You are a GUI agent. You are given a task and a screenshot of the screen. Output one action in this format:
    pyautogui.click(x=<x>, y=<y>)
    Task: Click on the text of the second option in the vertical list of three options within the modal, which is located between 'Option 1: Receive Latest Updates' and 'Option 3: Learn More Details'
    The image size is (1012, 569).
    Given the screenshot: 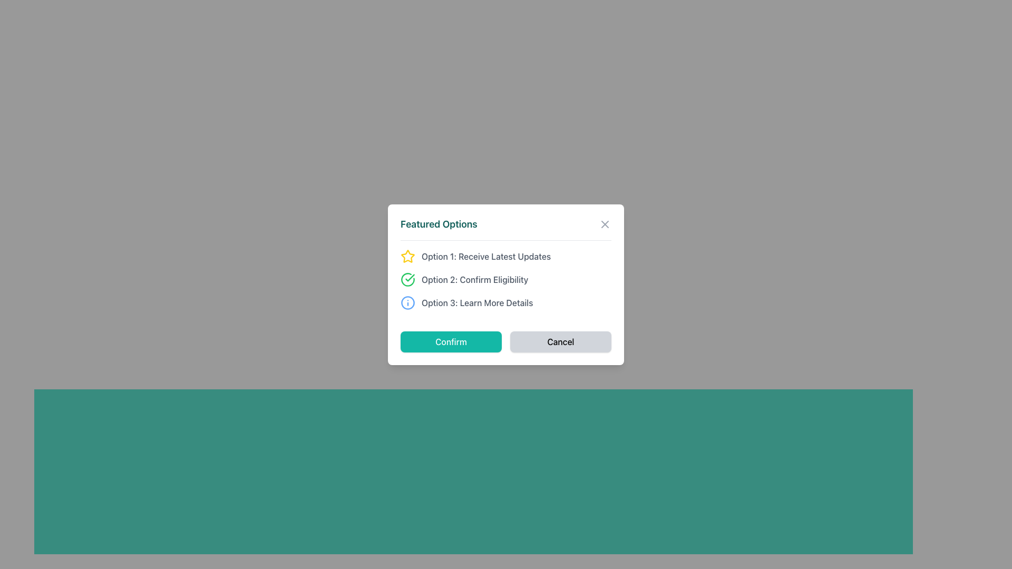 What is the action you would take?
    pyautogui.click(x=506, y=279)
    